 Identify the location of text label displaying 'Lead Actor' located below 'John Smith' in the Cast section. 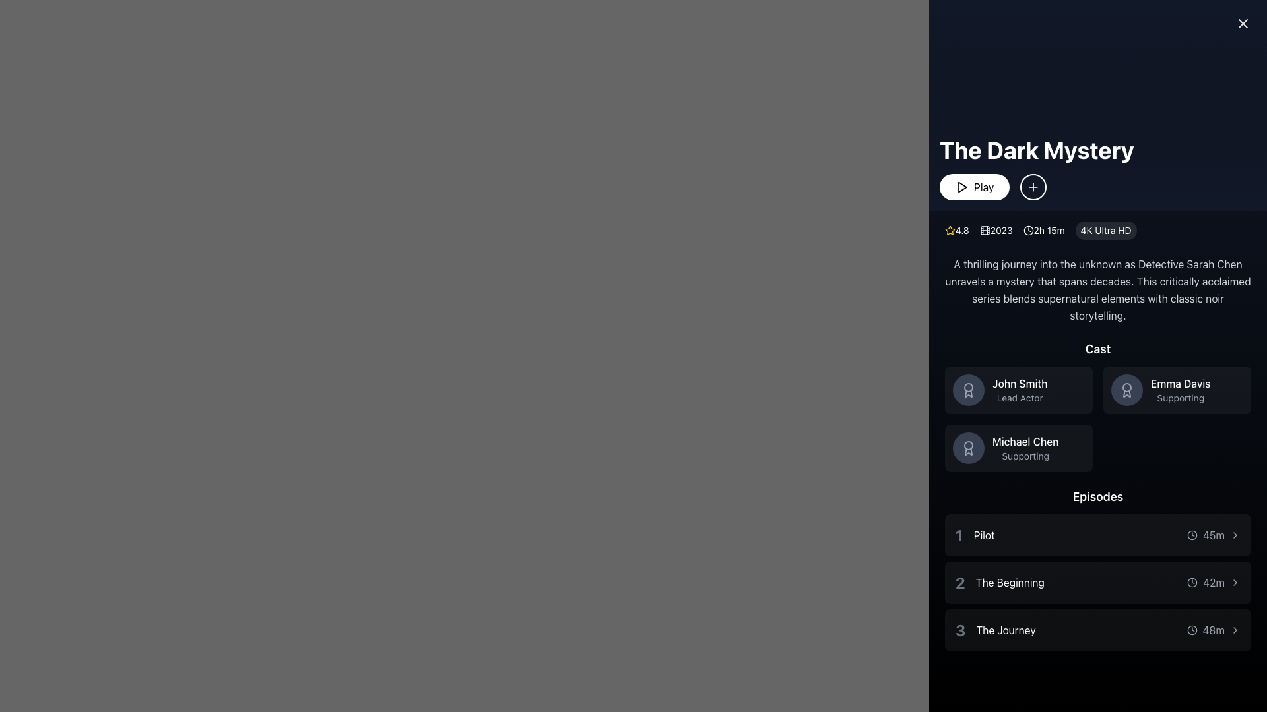
(1019, 398).